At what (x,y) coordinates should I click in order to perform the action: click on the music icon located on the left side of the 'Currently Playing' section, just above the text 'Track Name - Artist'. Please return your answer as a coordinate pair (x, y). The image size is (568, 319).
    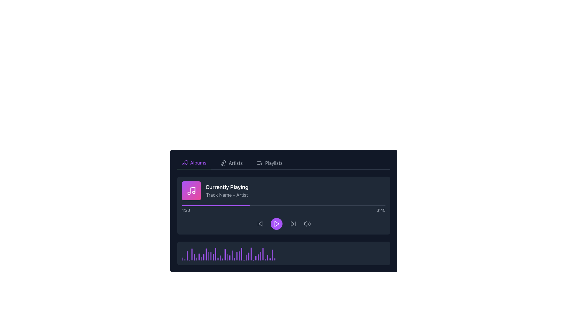
    Looking at the image, I should click on (191, 191).